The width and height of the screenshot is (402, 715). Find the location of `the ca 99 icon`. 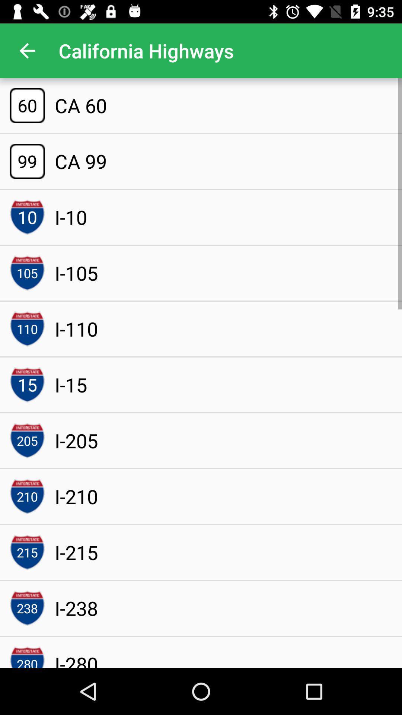

the ca 99 icon is located at coordinates (81, 161).